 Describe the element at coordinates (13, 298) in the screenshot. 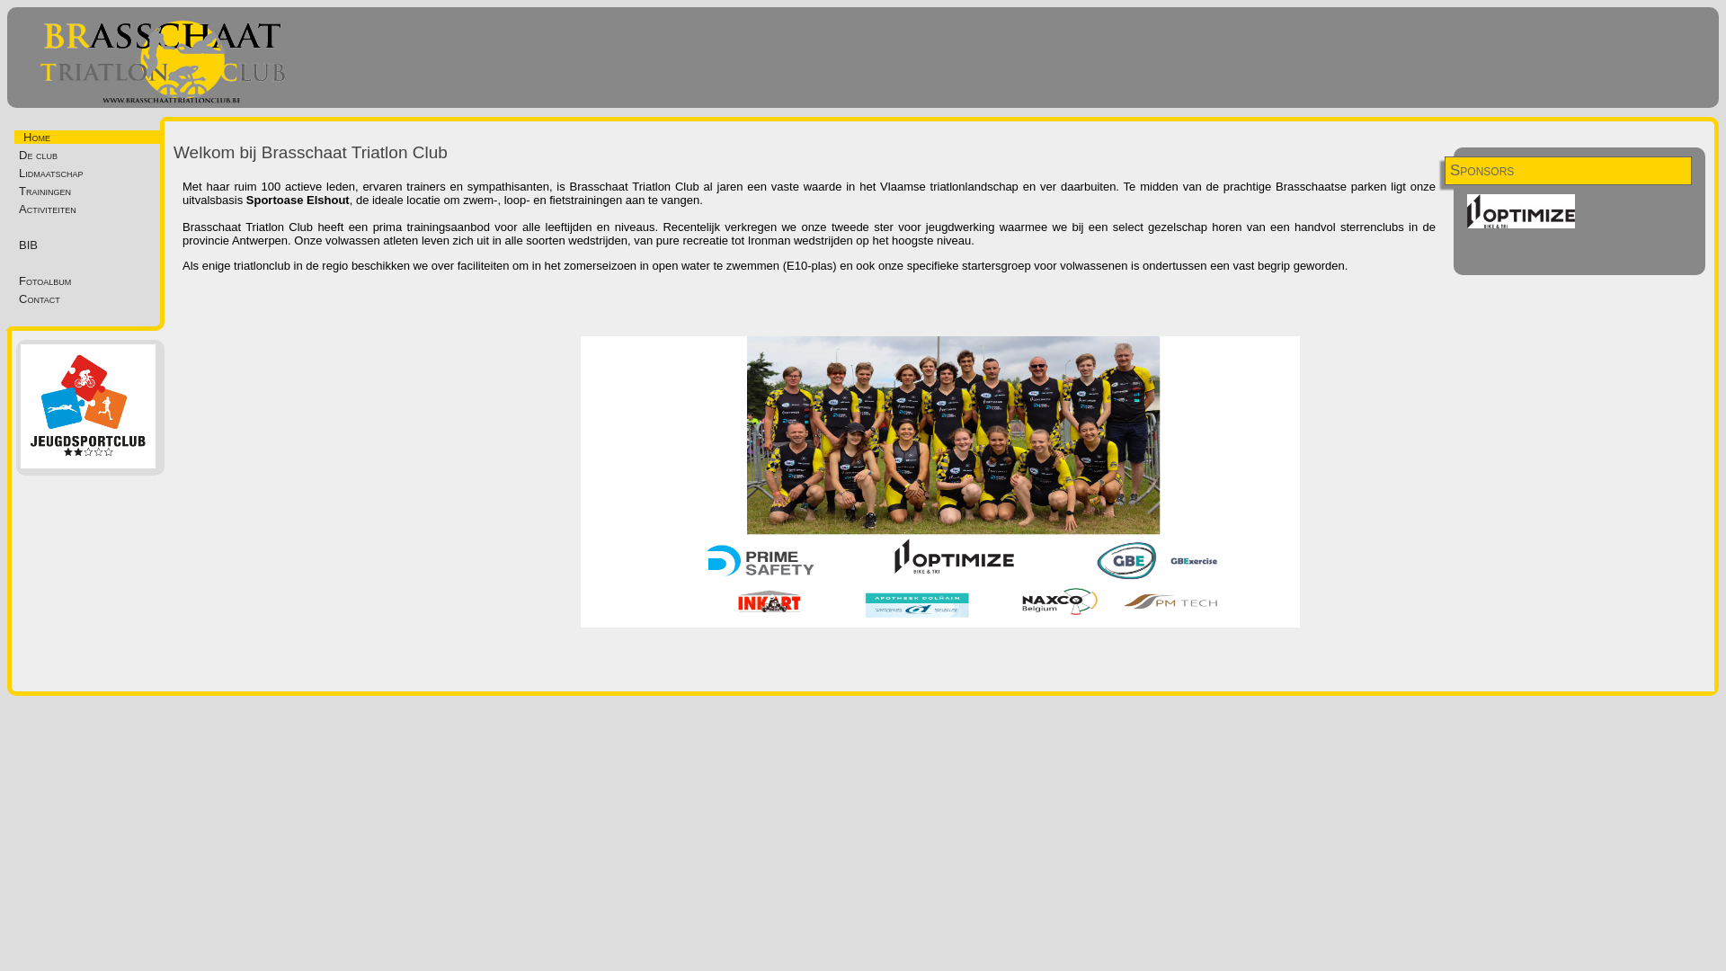

I see `'Contact'` at that location.